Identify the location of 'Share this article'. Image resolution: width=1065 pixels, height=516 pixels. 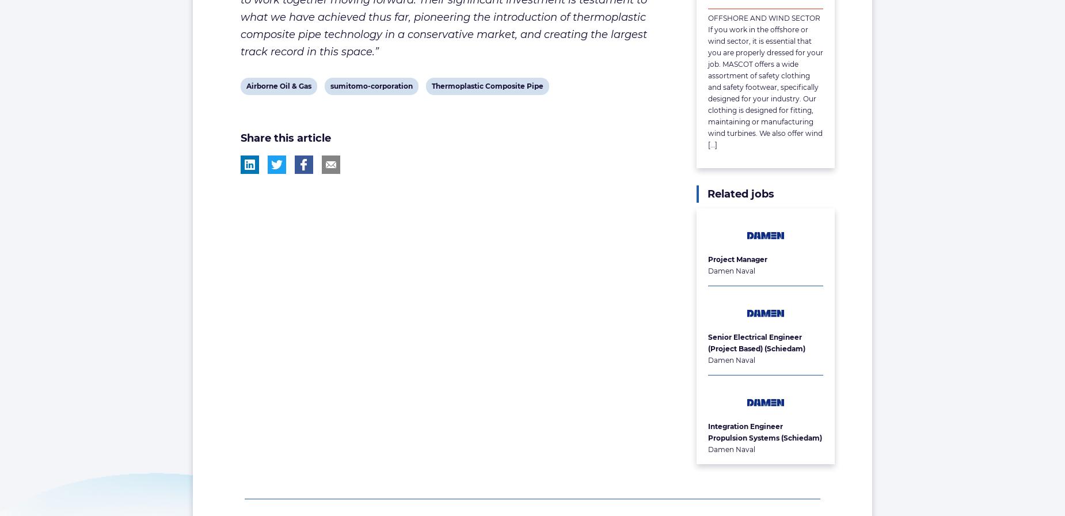
(239, 137).